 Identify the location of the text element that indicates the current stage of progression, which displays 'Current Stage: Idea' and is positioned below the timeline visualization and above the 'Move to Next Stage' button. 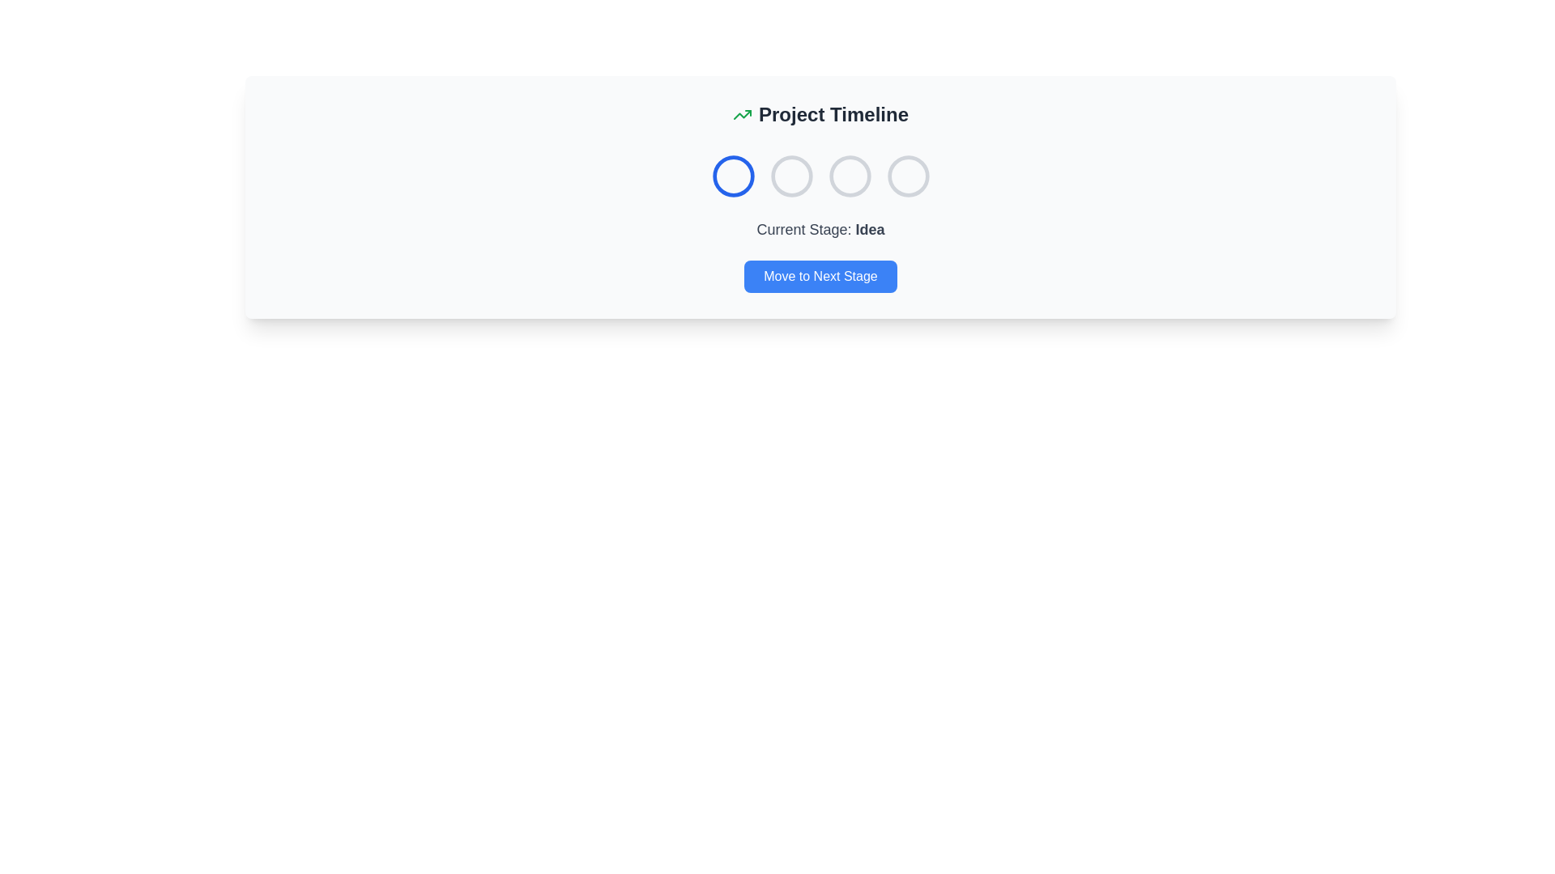
(869, 230).